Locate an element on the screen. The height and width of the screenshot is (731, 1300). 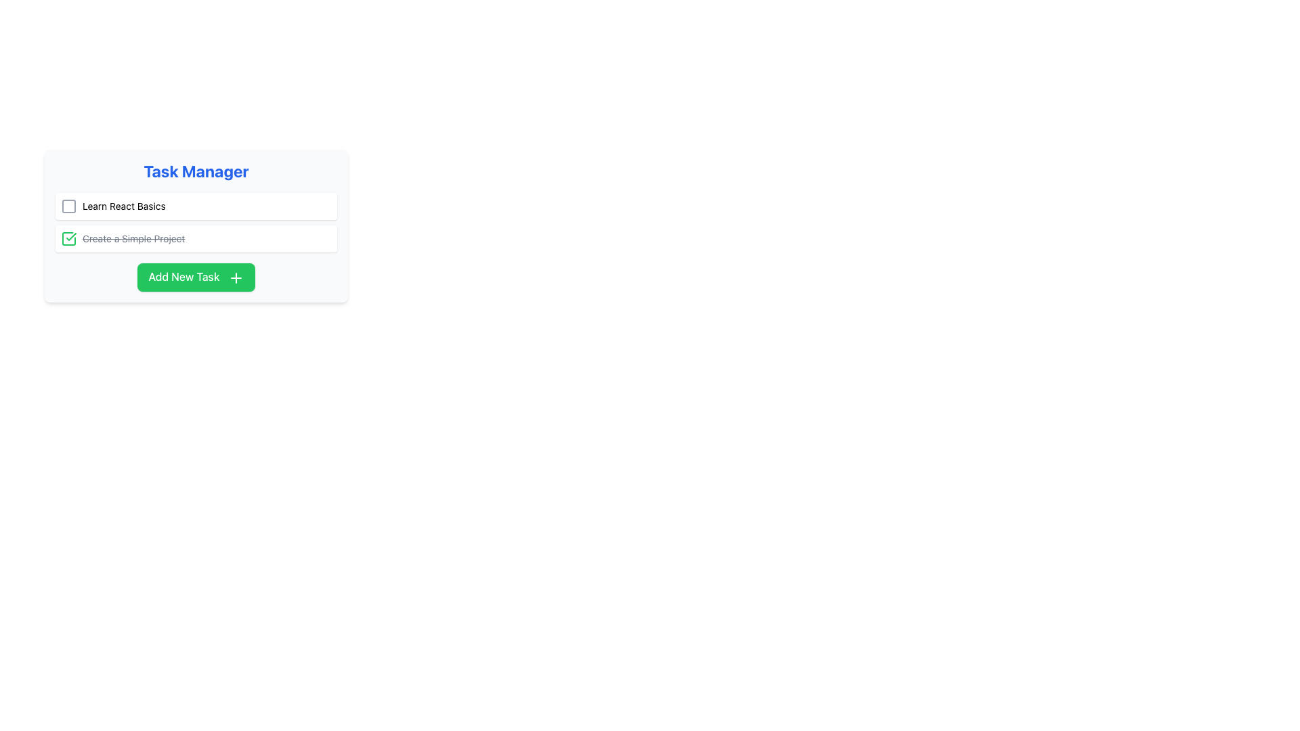
the 'Task Manager' text header, which is styled in bold and large blue font, located at the top of the task listing panel is located at coordinates (195, 171).